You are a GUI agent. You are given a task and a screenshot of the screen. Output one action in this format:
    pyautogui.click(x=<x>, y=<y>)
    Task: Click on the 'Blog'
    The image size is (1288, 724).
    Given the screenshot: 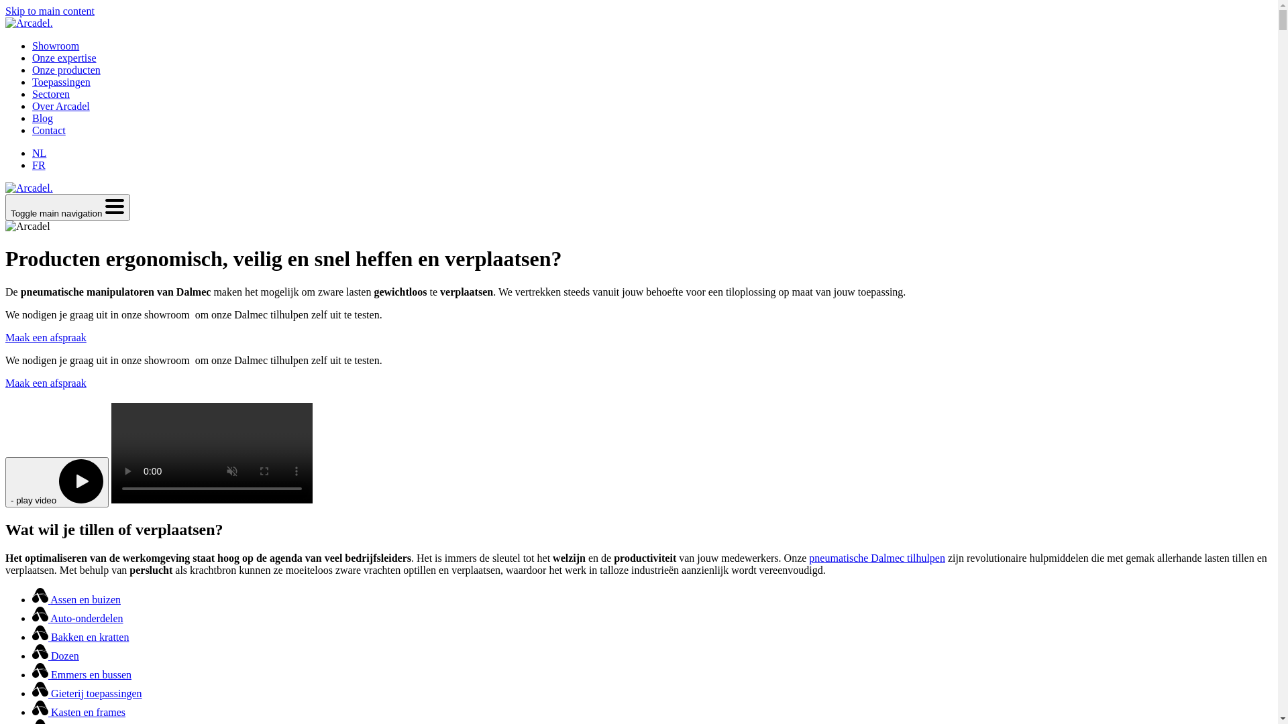 What is the action you would take?
    pyautogui.click(x=32, y=117)
    